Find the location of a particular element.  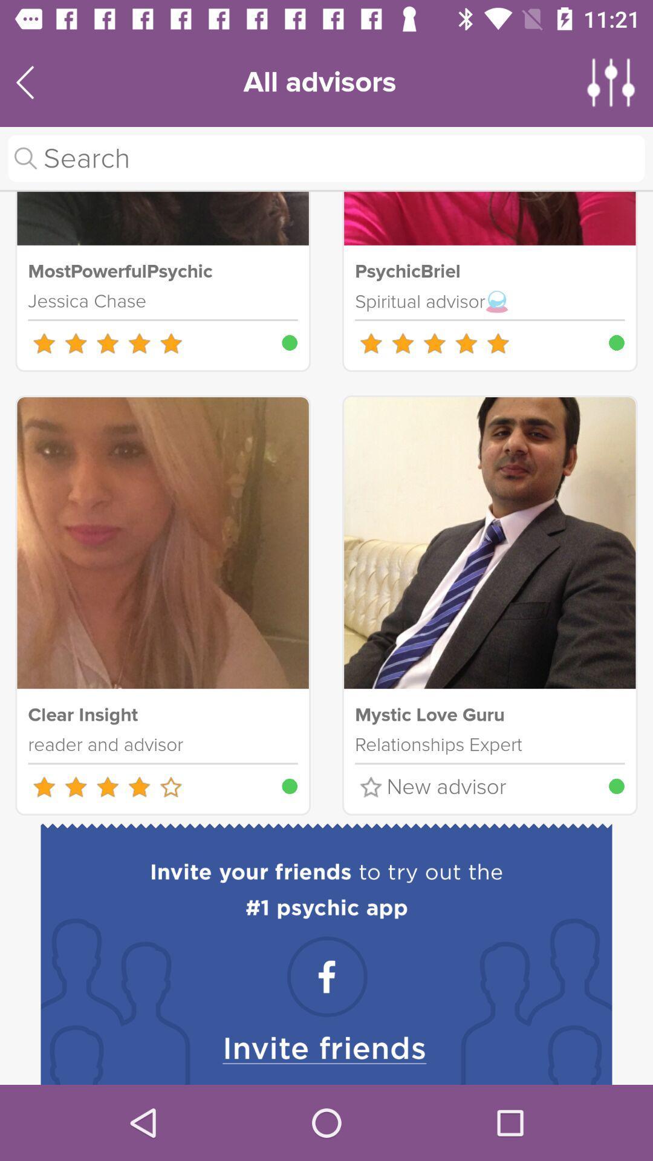

search advisers is located at coordinates (326, 158).